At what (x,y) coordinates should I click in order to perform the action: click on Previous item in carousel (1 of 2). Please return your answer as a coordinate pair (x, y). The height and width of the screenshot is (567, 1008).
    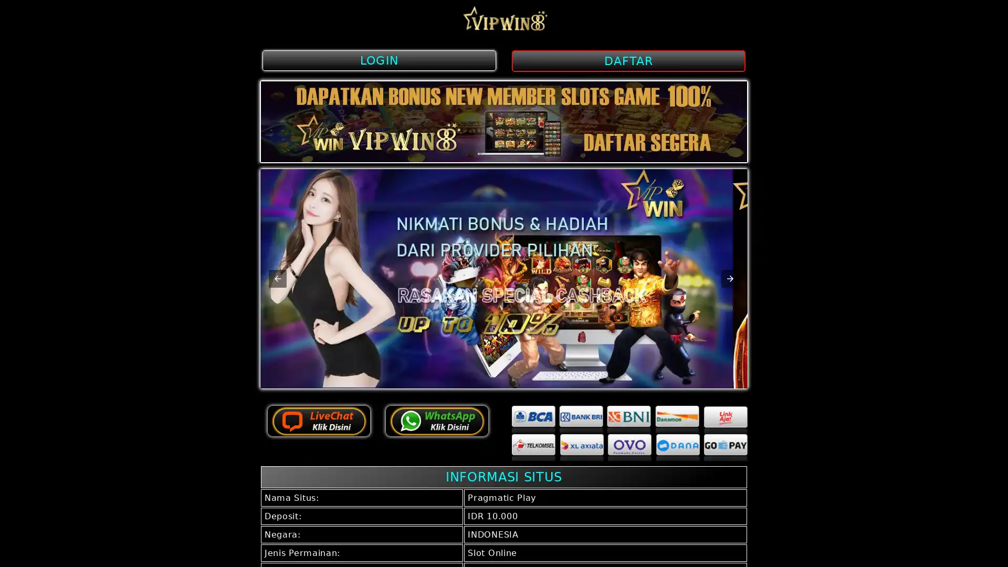
    Looking at the image, I should click on (277, 278).